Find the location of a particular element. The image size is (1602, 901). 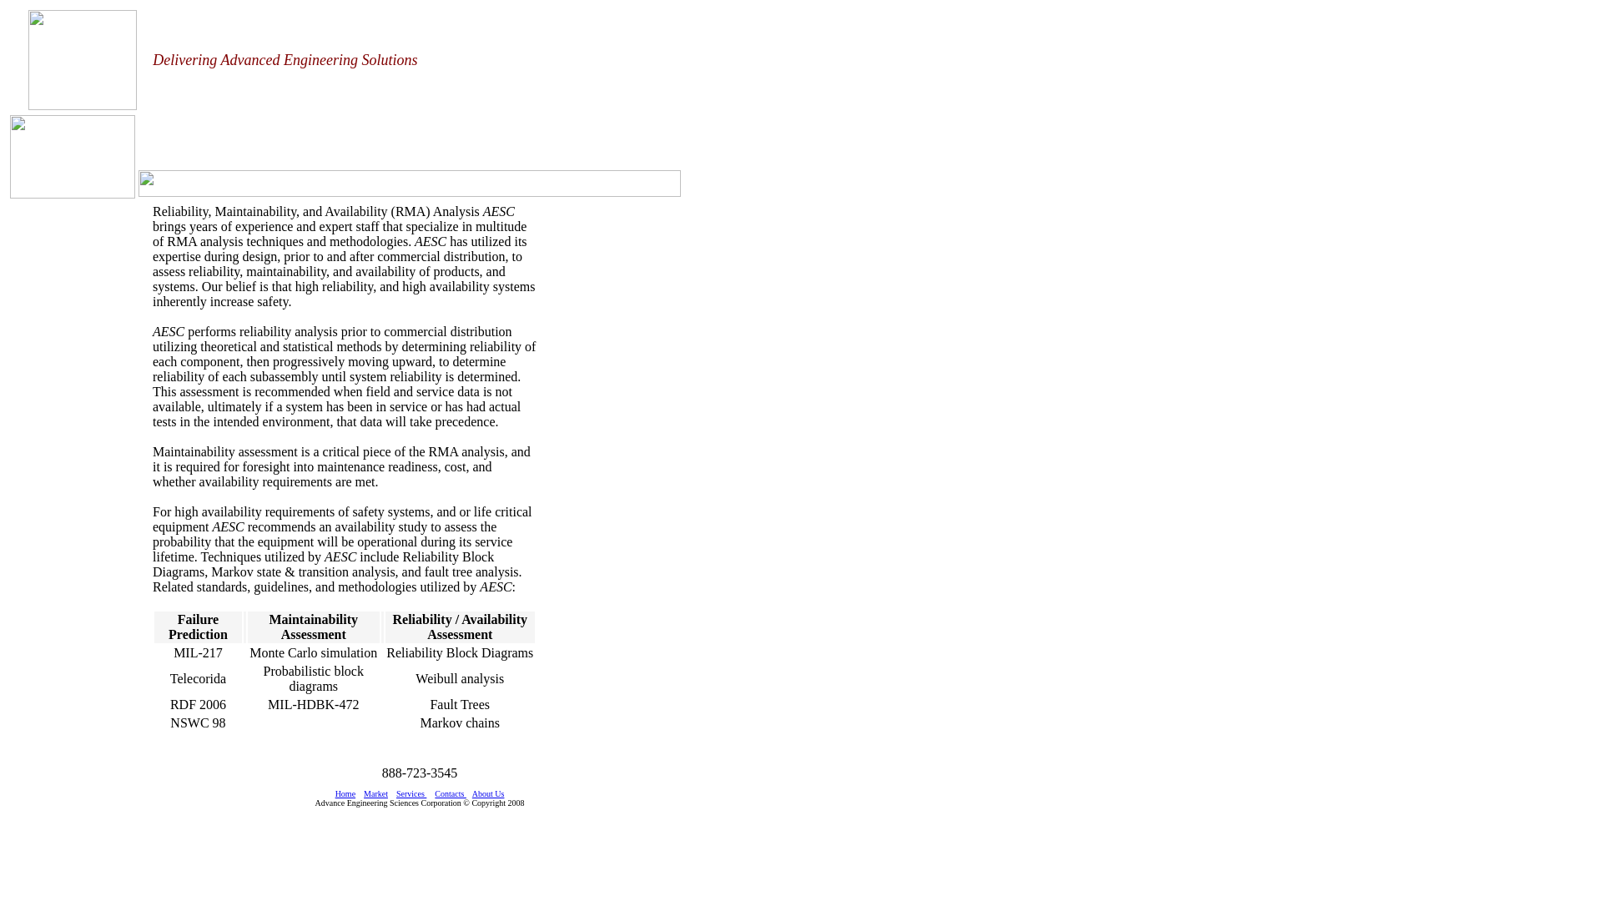

'Market' is located at coordinates (375, 793).